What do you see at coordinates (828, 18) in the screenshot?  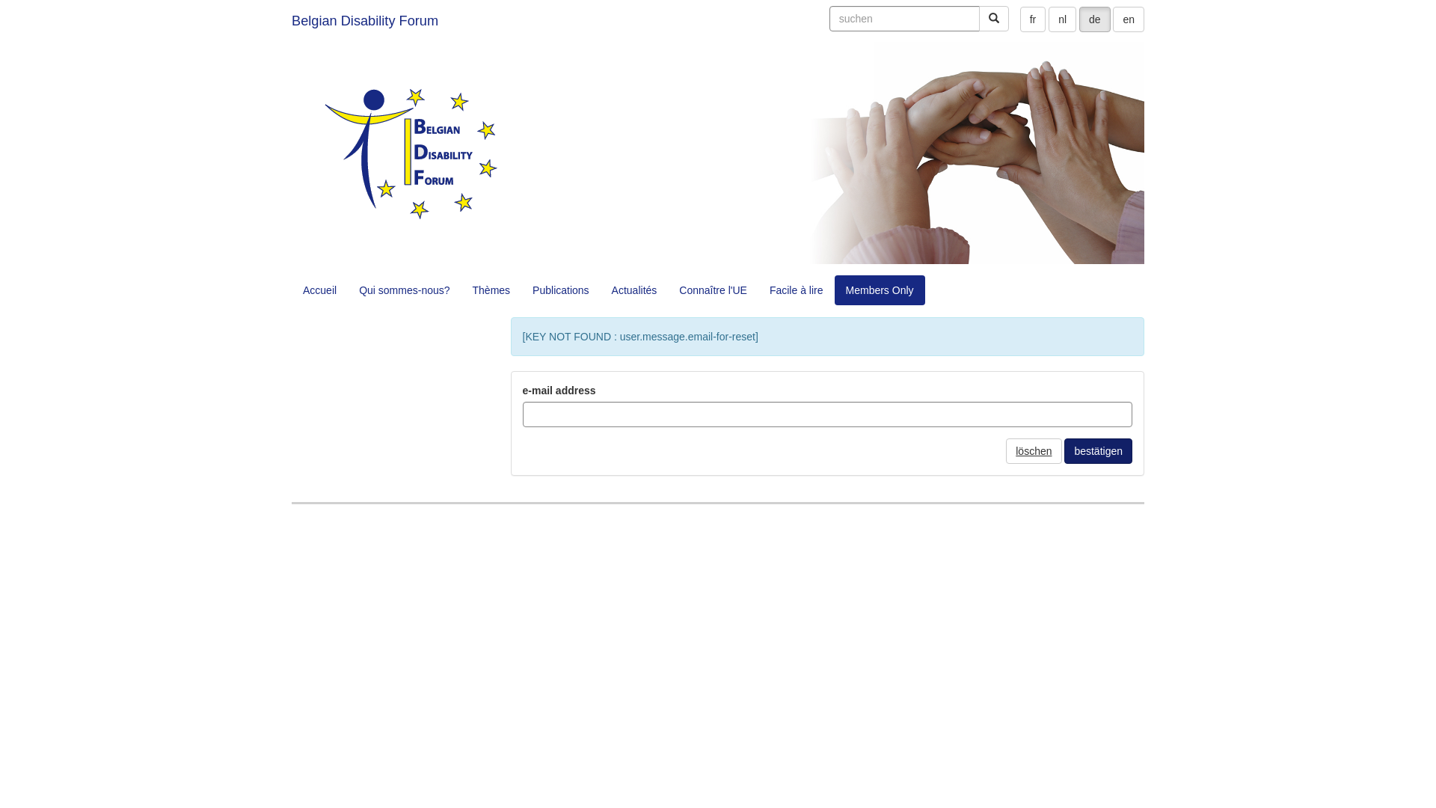 I see `'suchen'` at bounding box center [828, 18].